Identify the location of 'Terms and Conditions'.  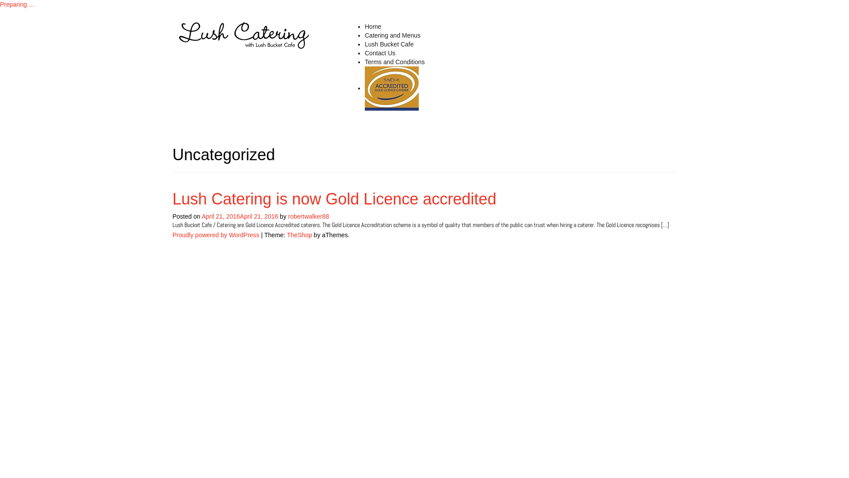
(394, 61).